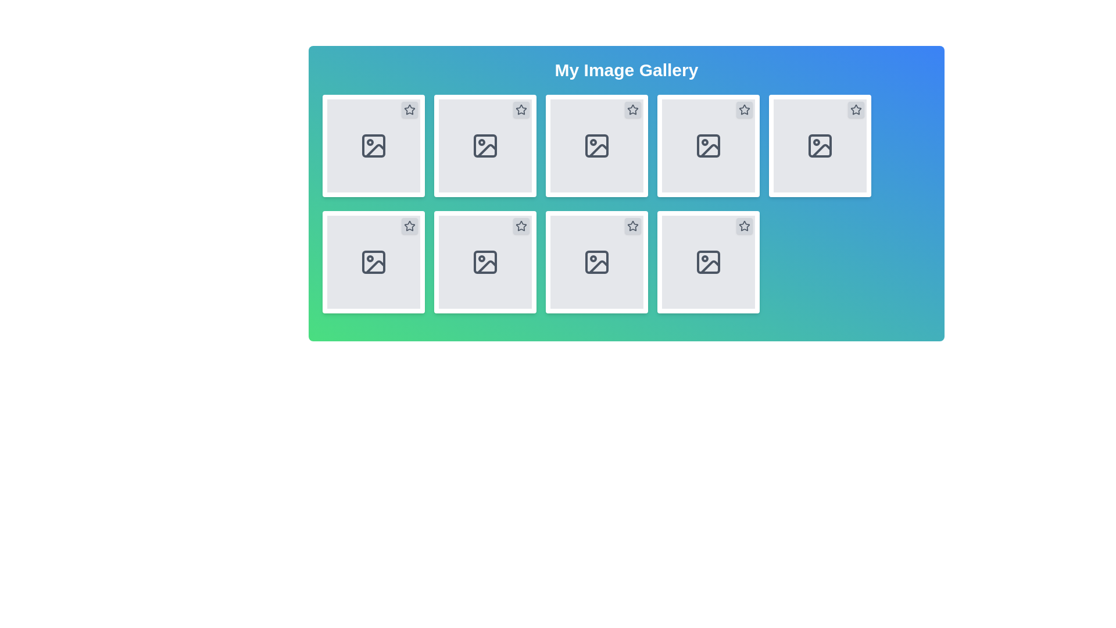 The image size is (1116, 628). I want to click on the image placeholder icon located in the top right corner of the 'My Image Gallery', so click(820, 145).